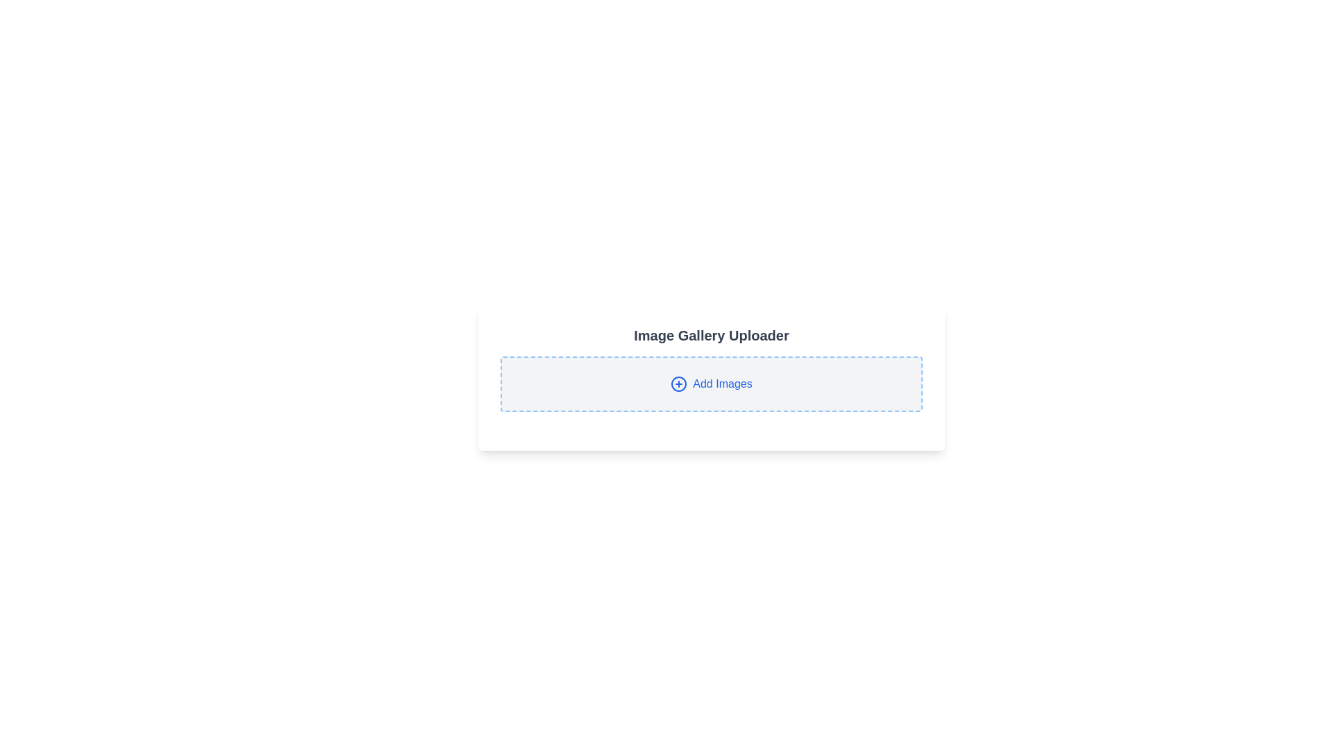  What do you see at coordinates (679, 384) in the screenshot?
I see `the blue circular plus icon within the 'Add Images' button` at bounding box center [679, 384].